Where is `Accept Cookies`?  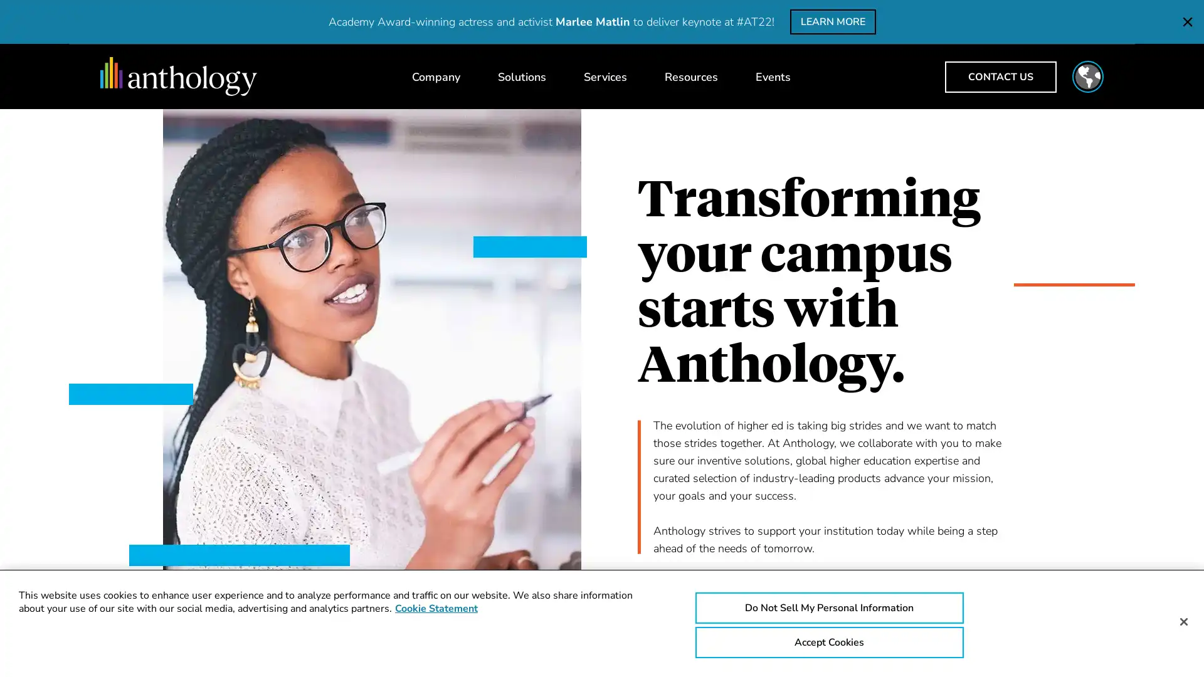 Accept Cookies is located at coordinates (828, 643).